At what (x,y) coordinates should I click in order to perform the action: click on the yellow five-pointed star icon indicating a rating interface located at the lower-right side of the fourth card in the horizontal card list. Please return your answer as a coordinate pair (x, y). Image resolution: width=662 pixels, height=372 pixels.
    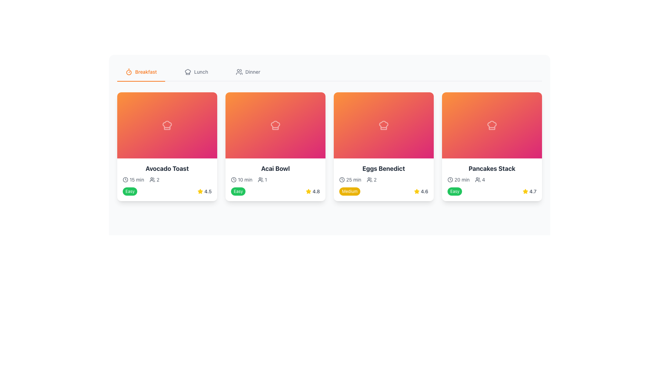
    Looking at the image, I should click on (525, 191).